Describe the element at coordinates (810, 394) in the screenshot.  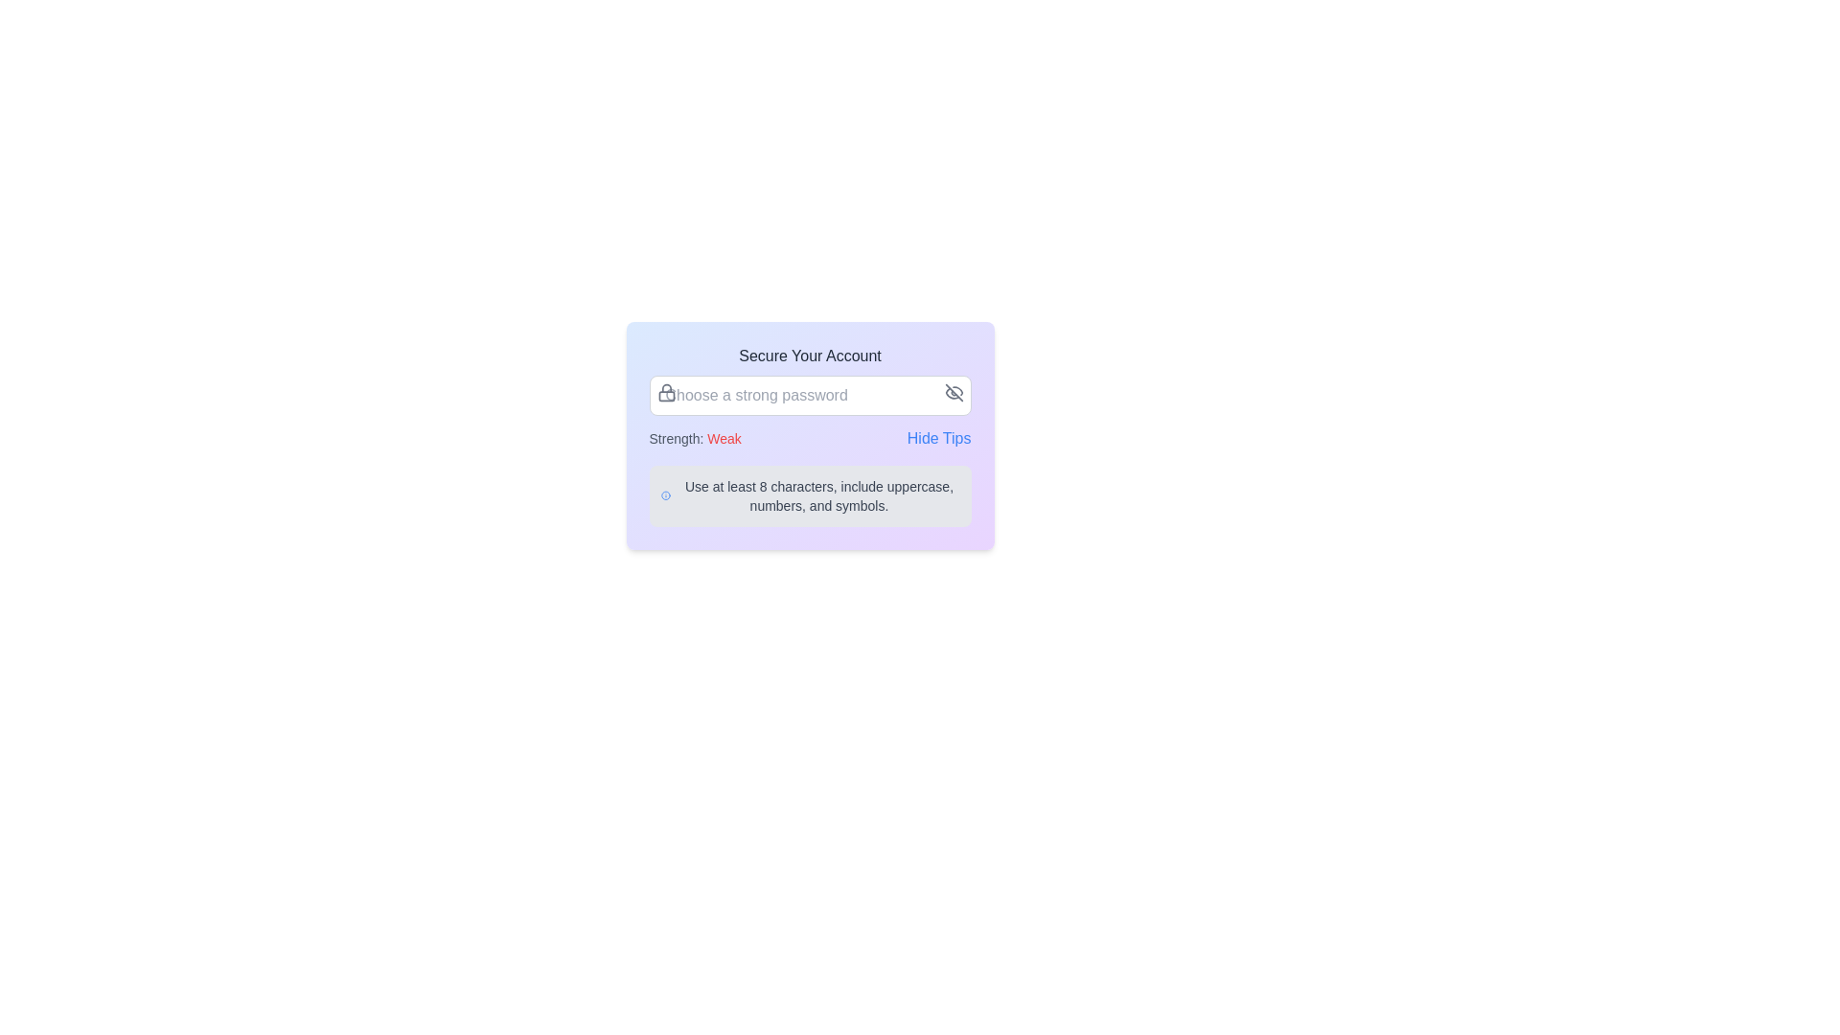
I see `the password input field located below the title 'Secure Your Account'` at that location.